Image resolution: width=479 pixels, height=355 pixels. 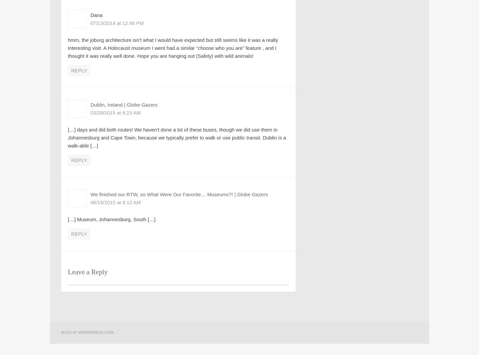 I want to click on 'Leave a Reply', so click(x=87, y=271).